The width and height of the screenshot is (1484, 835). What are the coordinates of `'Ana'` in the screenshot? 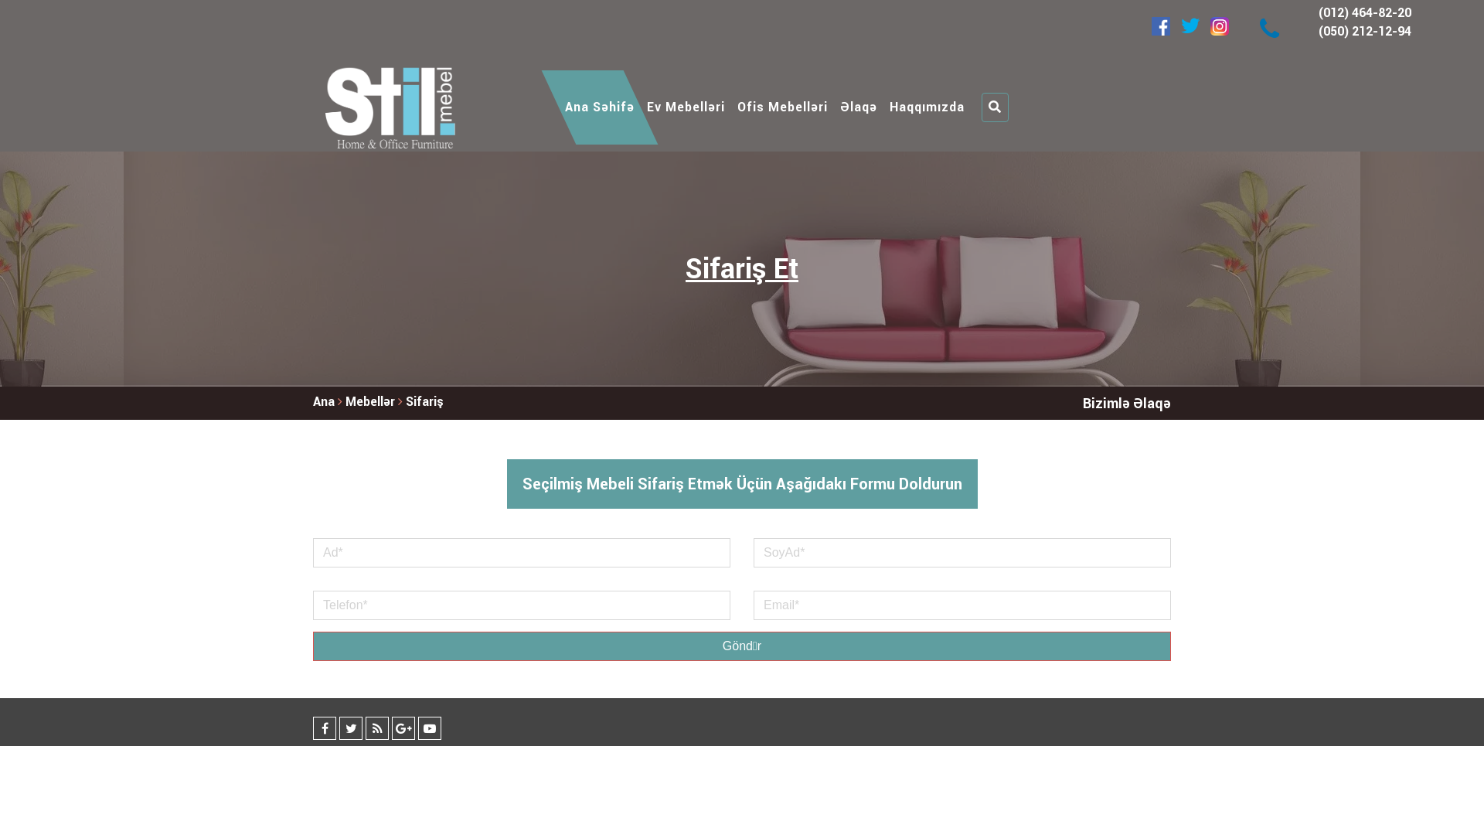 It's located at (322, 400).